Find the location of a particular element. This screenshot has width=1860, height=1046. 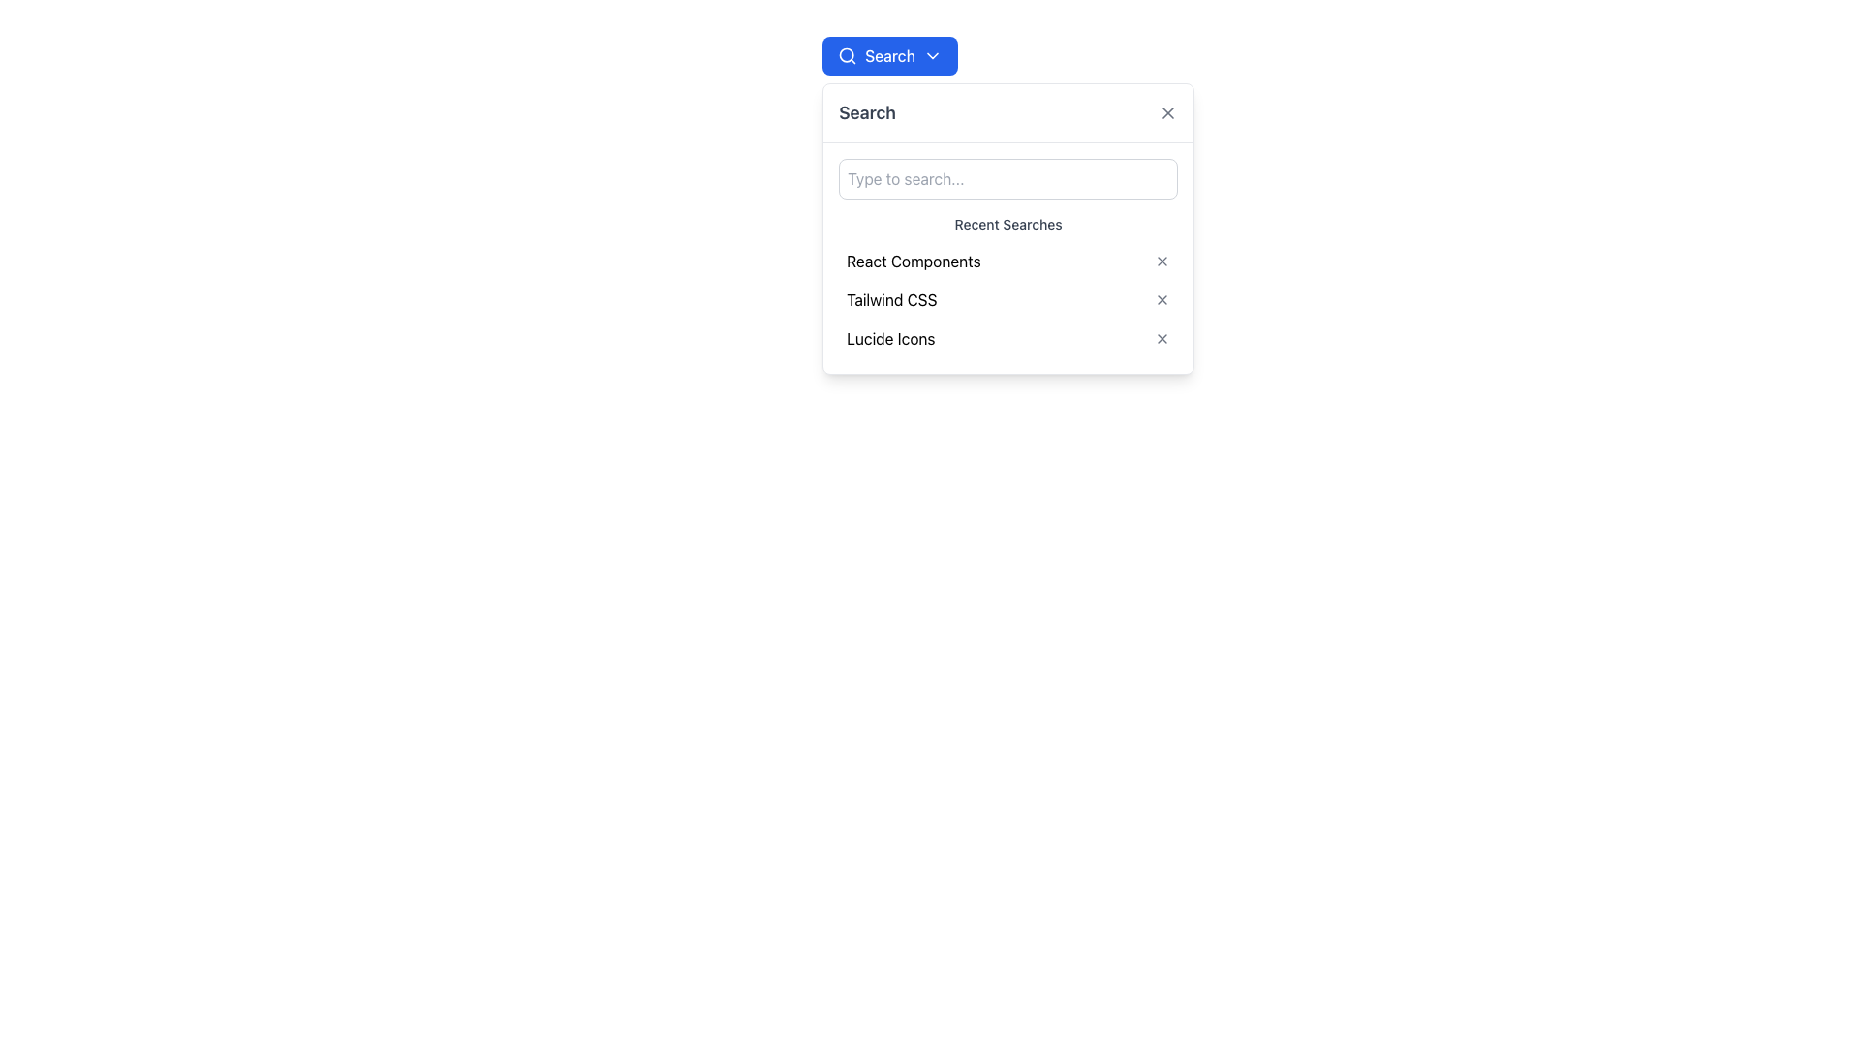

the delete button located at the far right of the row labeled 'Tailwind CSS' in the recent searches section is located at coordinates (1162, 299).